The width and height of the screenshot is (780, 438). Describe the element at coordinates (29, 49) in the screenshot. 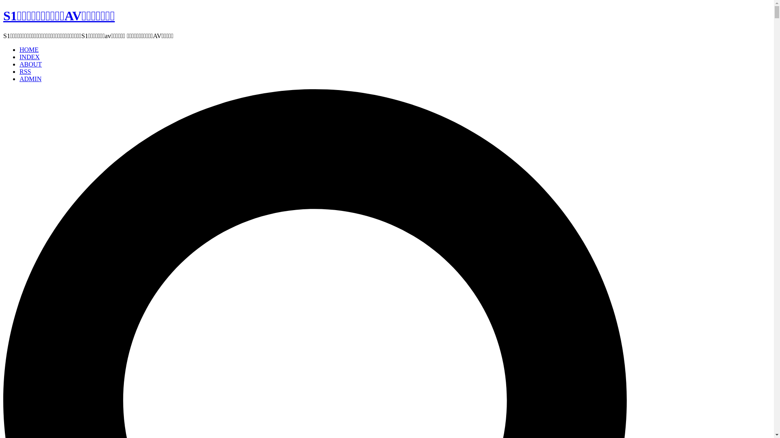

I see `'HOME'` at that location.